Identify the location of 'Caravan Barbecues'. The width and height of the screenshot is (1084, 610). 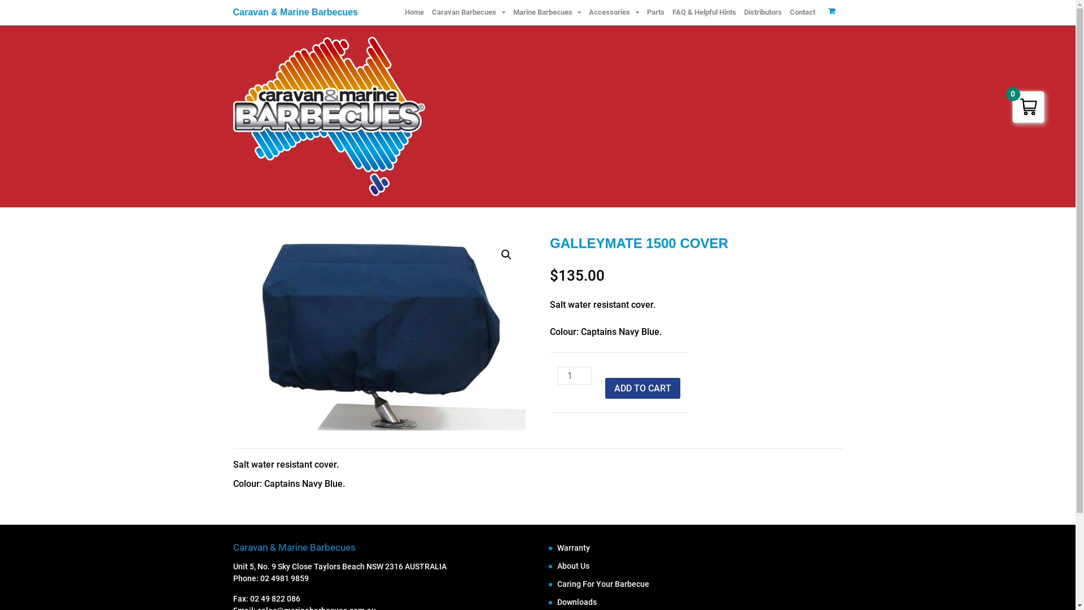
(427, 12).